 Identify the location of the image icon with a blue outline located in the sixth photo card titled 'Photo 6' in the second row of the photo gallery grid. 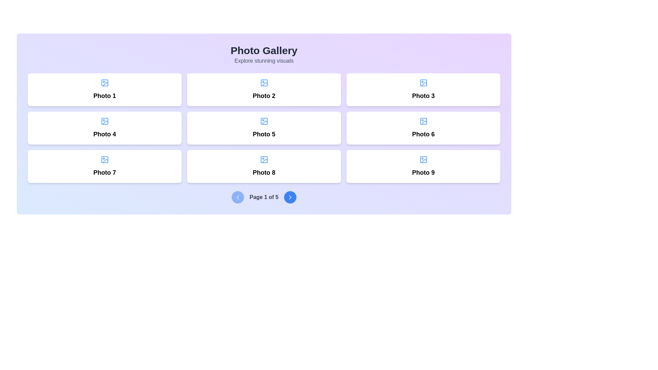
(423, 121).